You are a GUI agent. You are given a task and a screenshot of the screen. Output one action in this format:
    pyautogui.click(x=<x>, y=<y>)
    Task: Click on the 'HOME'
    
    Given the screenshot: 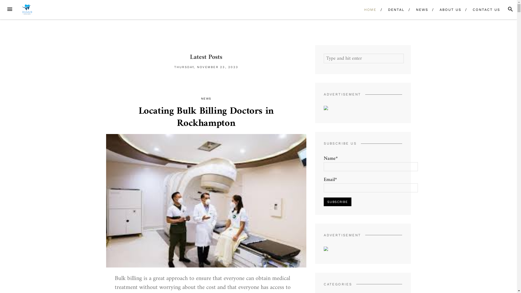 What is the action you would take?
    pyautogui.click(x=370, y=9)
    